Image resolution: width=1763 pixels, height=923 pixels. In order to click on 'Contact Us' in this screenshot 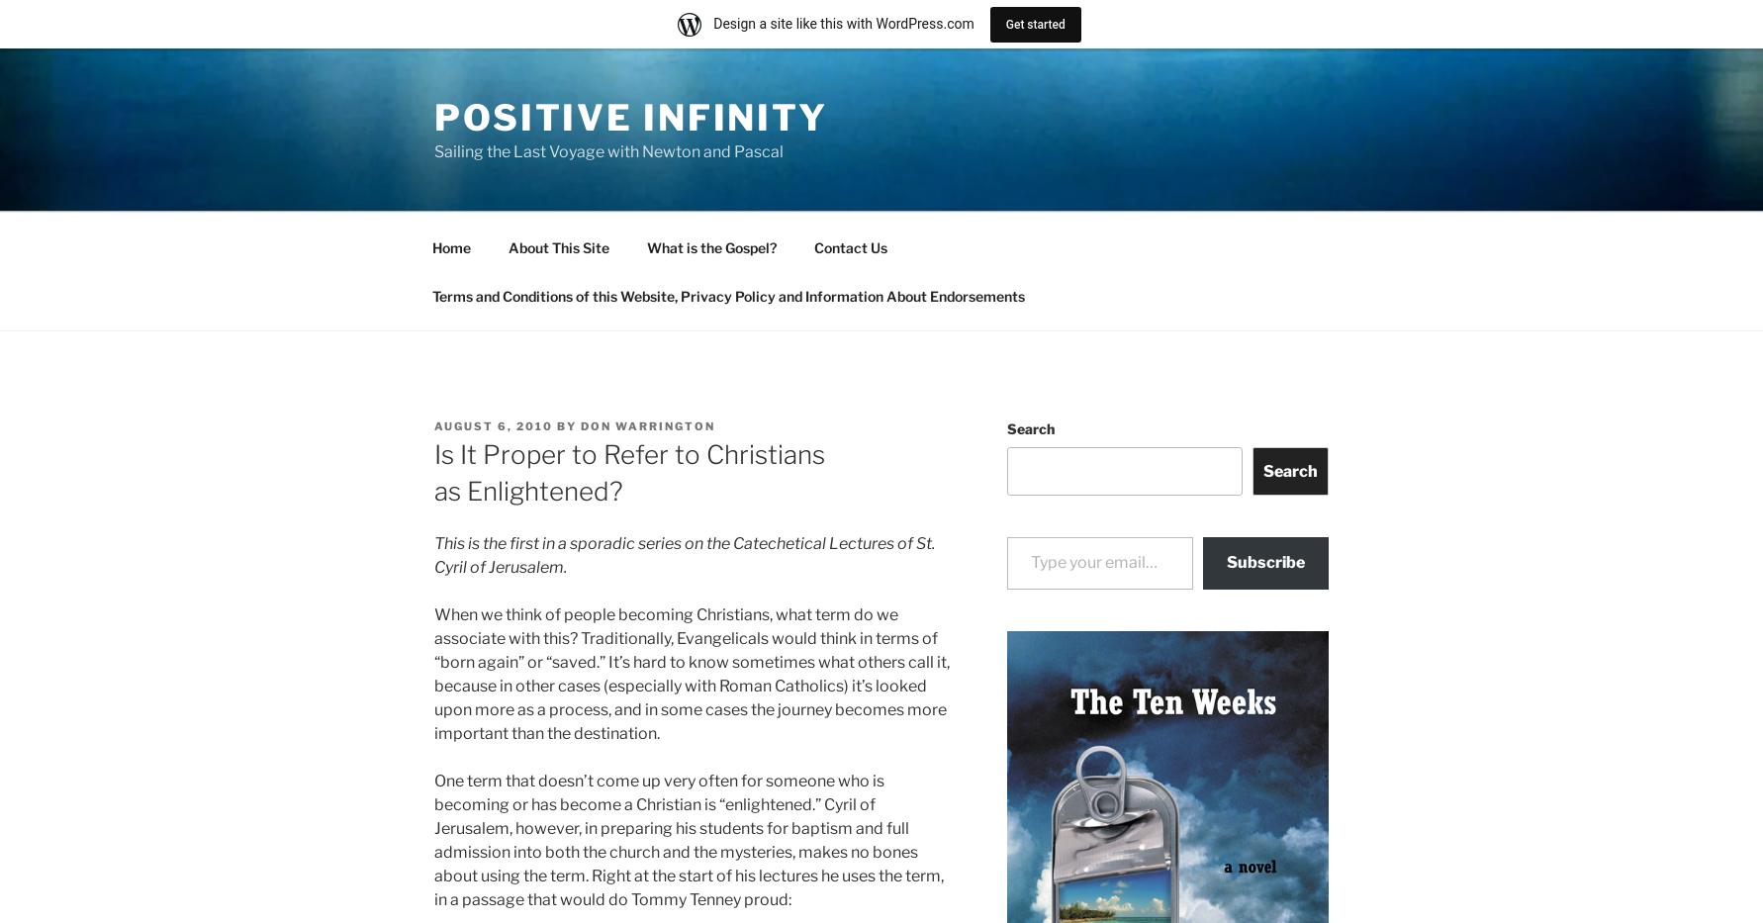, I will do `click(848, 245)`.